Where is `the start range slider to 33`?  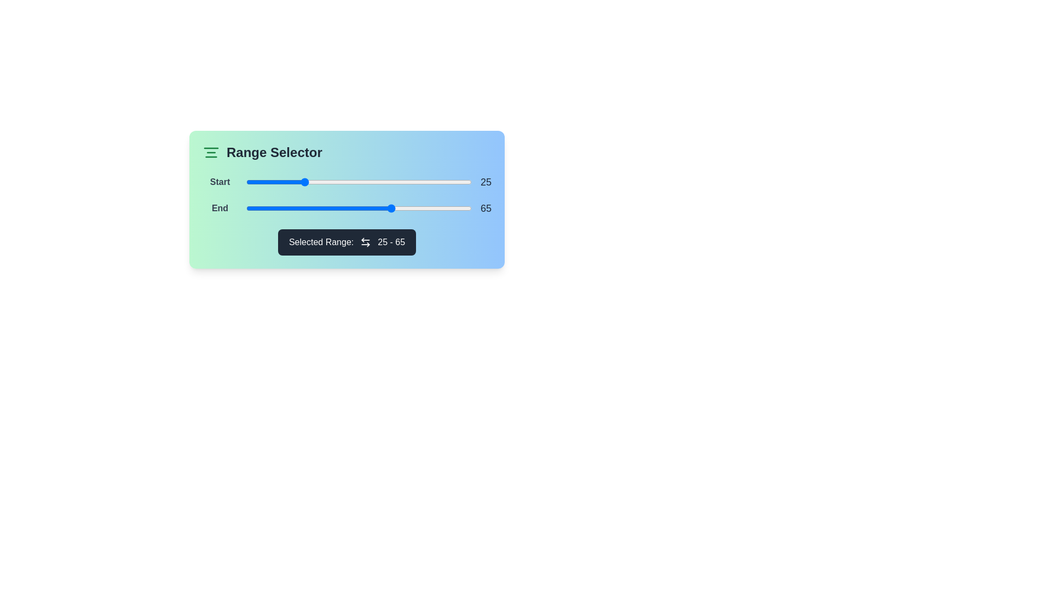 the start range slider to 33 is located at coordinates (320, 181).